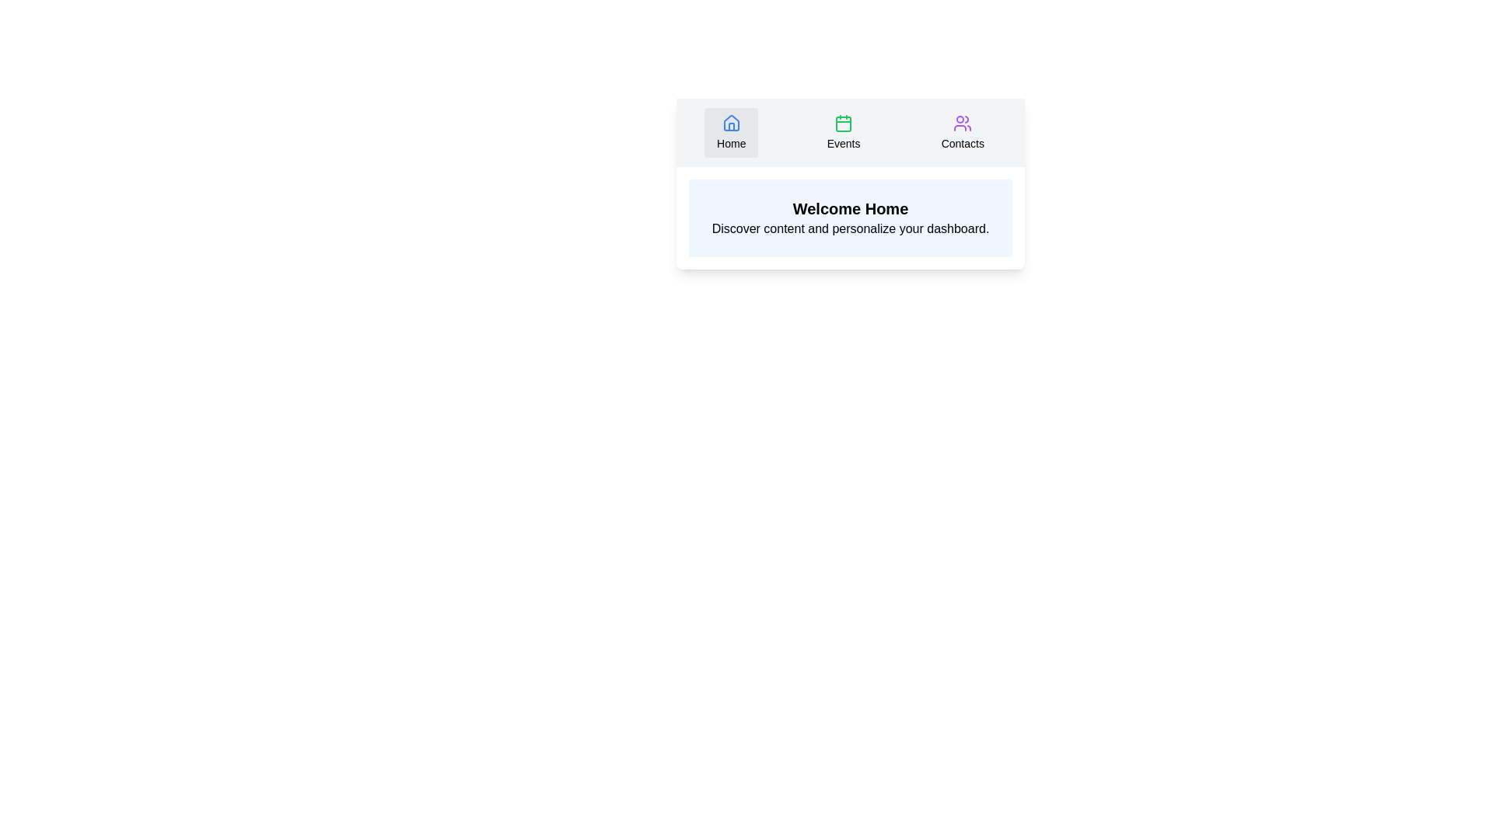 The height and width of the screenshot is (839, 1493). What do you see at coordinates (730, 131) in the screenshot?
I see `the tab button labeled Home` at bounding box center [730, 131].